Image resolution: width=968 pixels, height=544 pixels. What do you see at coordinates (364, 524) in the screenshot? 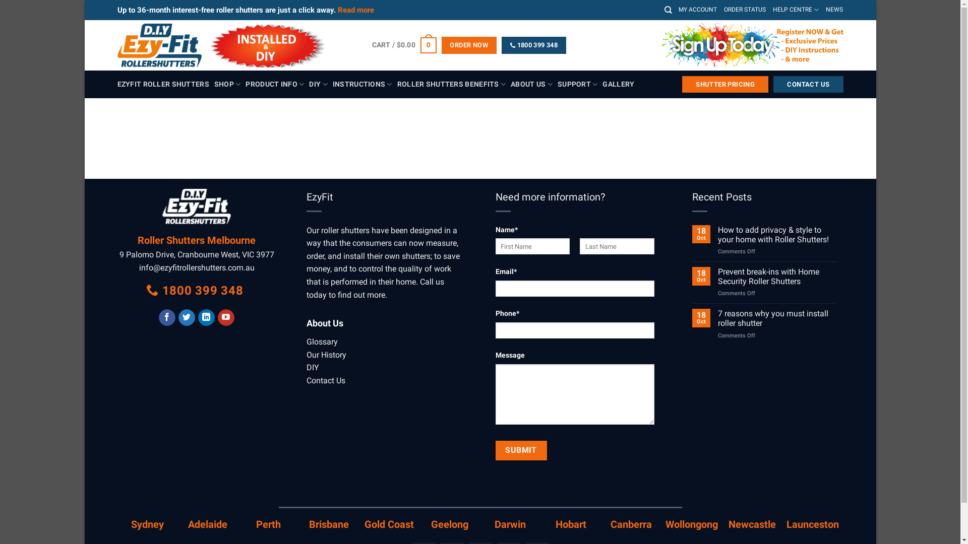
I see `'Gold Coast'` at bounding box center [364, 524].